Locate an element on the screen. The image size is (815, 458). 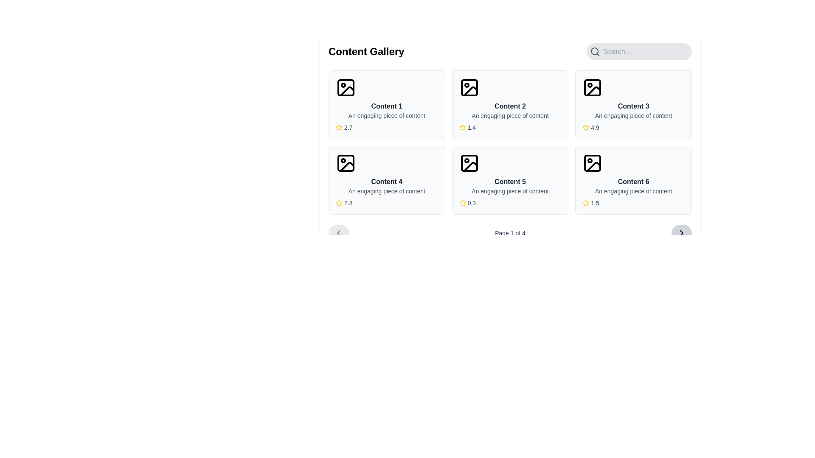
the rightmost circular button with a gray background and a right-pointing chevron symbol is located at coordinates (682, 233).